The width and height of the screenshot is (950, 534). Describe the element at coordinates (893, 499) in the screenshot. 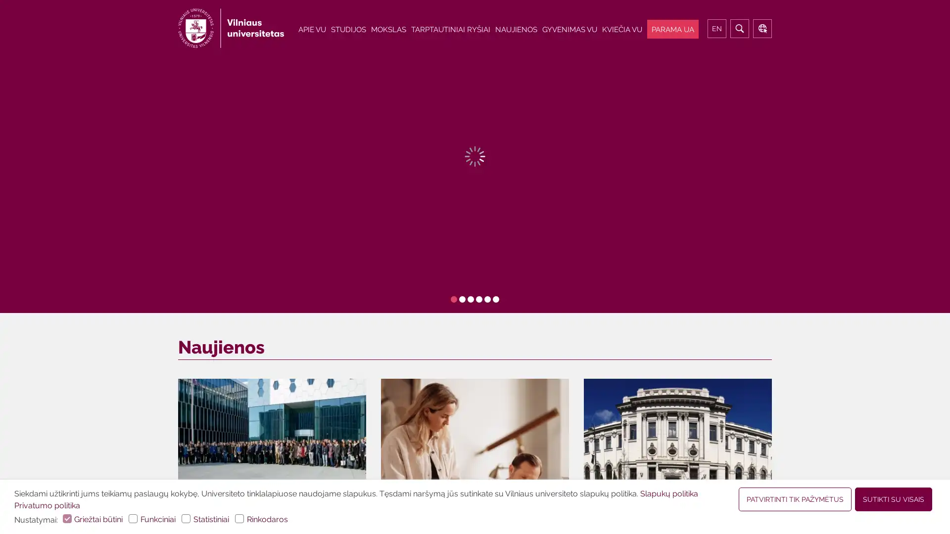

I see `allow all cookies` at that location.